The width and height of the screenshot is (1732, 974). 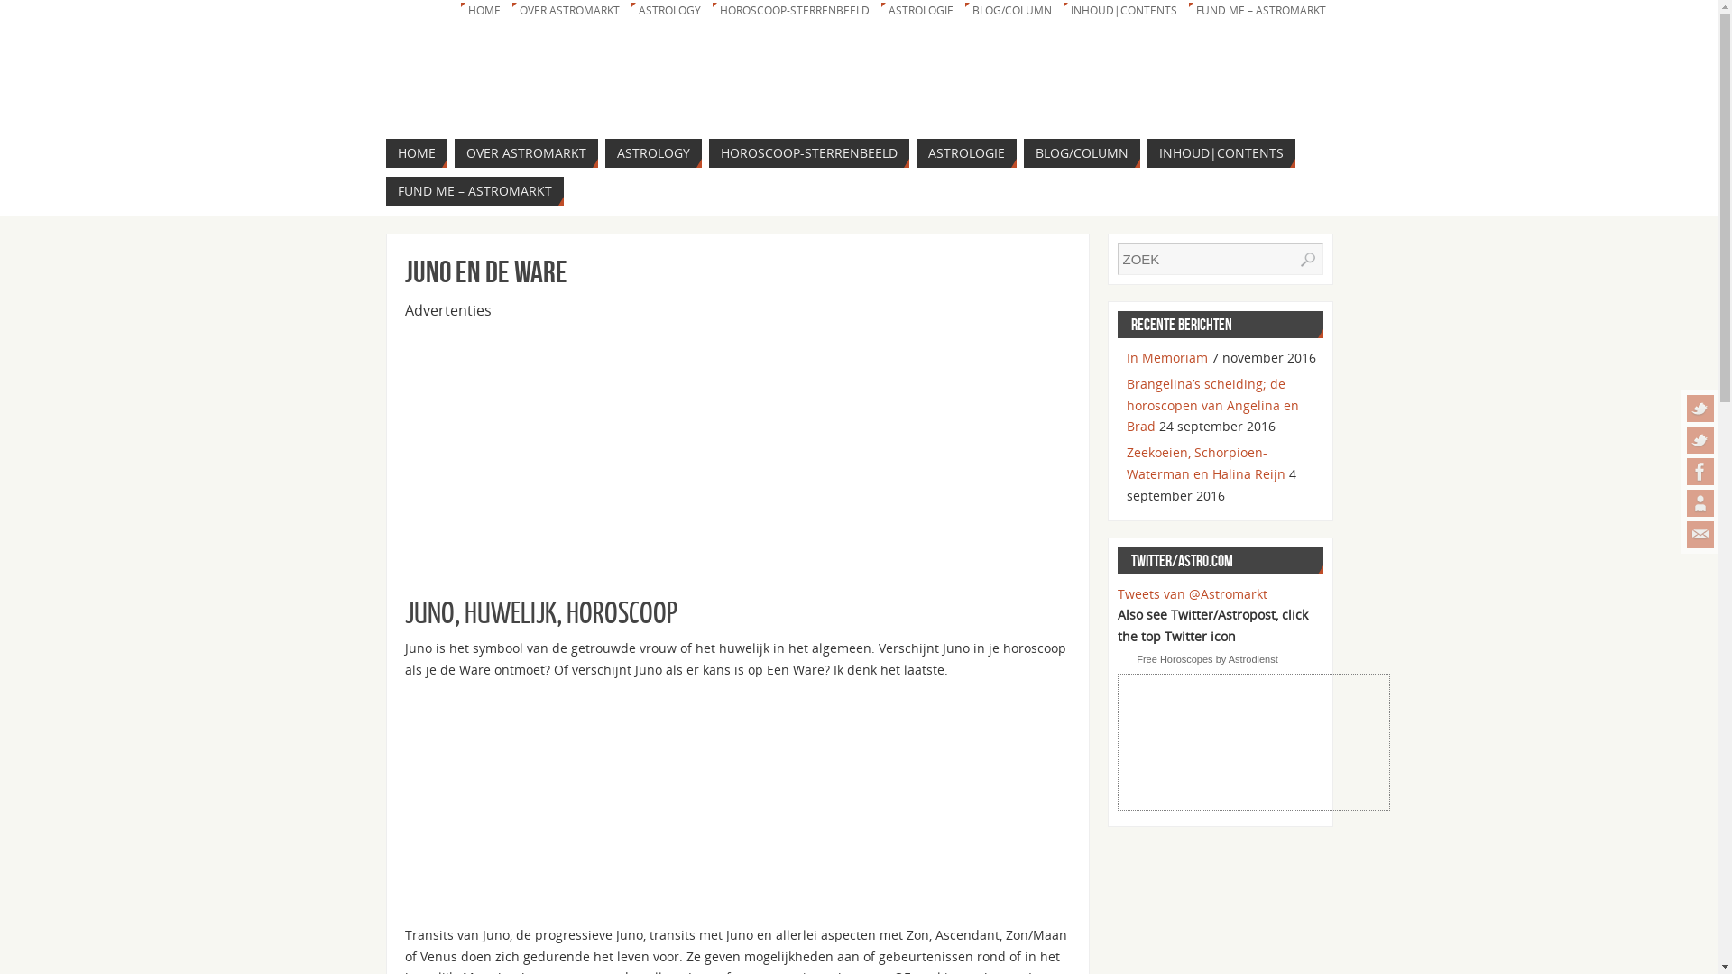 I want to click on 'Tweets van @Astromarkt', so click(x=1116, y=593).